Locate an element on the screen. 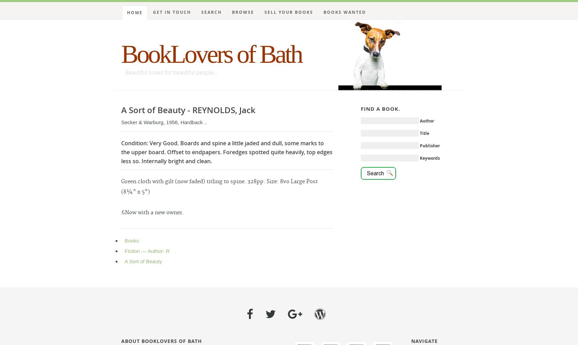 Image resolution: width=578 pixels, height=345 pixels. 'Author' is located at coordinates (426, 120).